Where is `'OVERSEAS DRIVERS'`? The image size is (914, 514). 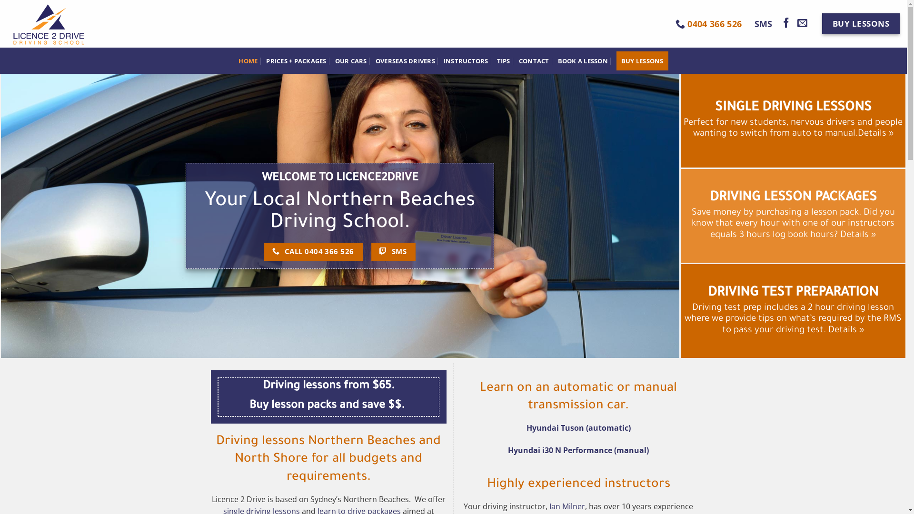
'OVERSEAS DRIVERS' is located at coordinates (375, 60).